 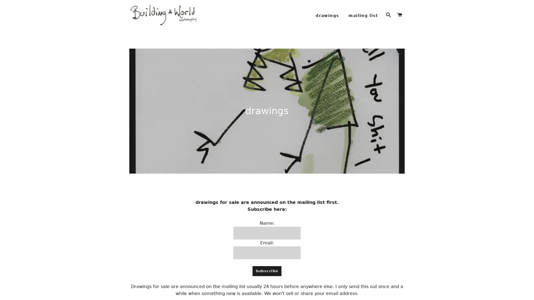 What do you see at coordinates (266, 278) in the screenshot?
I see `Subscribe` at bounding box center [266, 278].